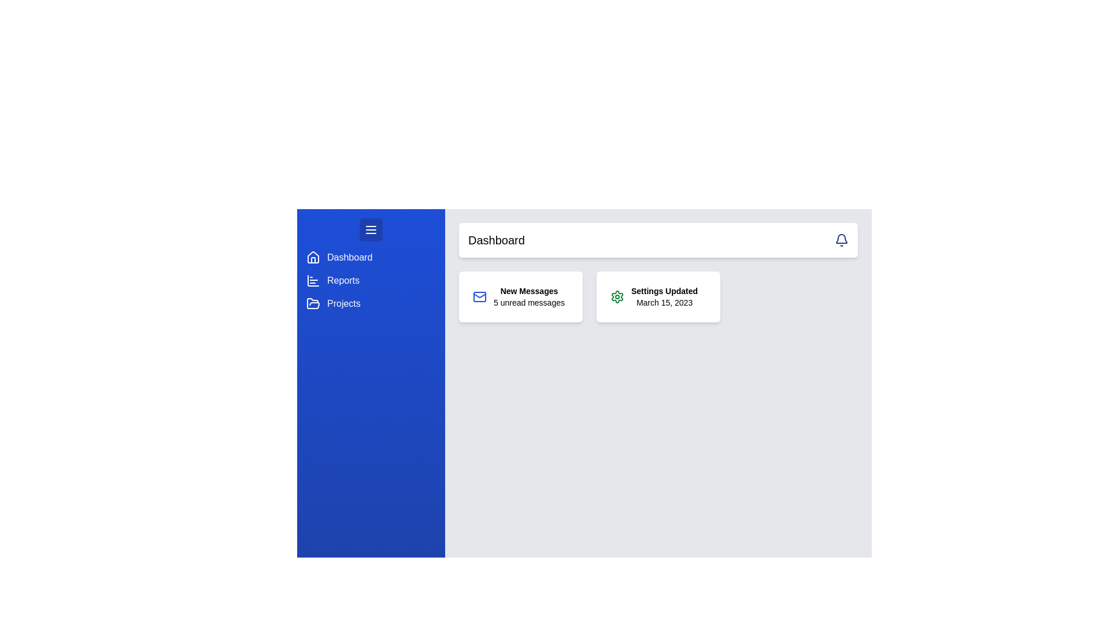  I want to click on the stylized folder icon in the side navigation menu, so click(313, 302).